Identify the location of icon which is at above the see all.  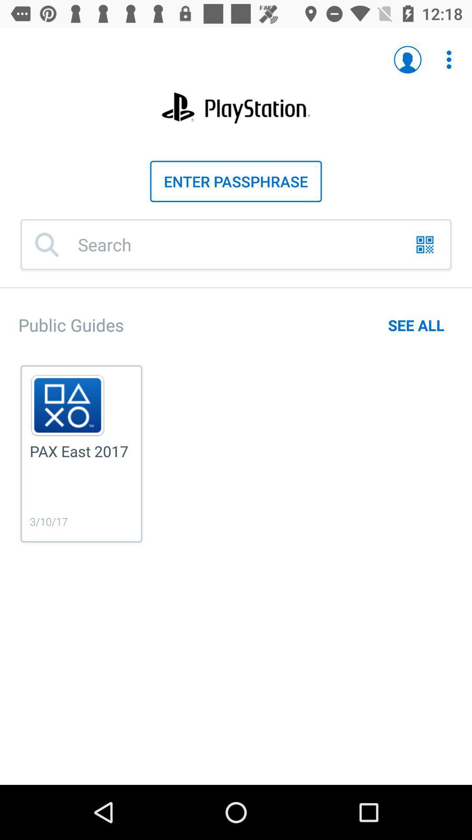
(424, 245).